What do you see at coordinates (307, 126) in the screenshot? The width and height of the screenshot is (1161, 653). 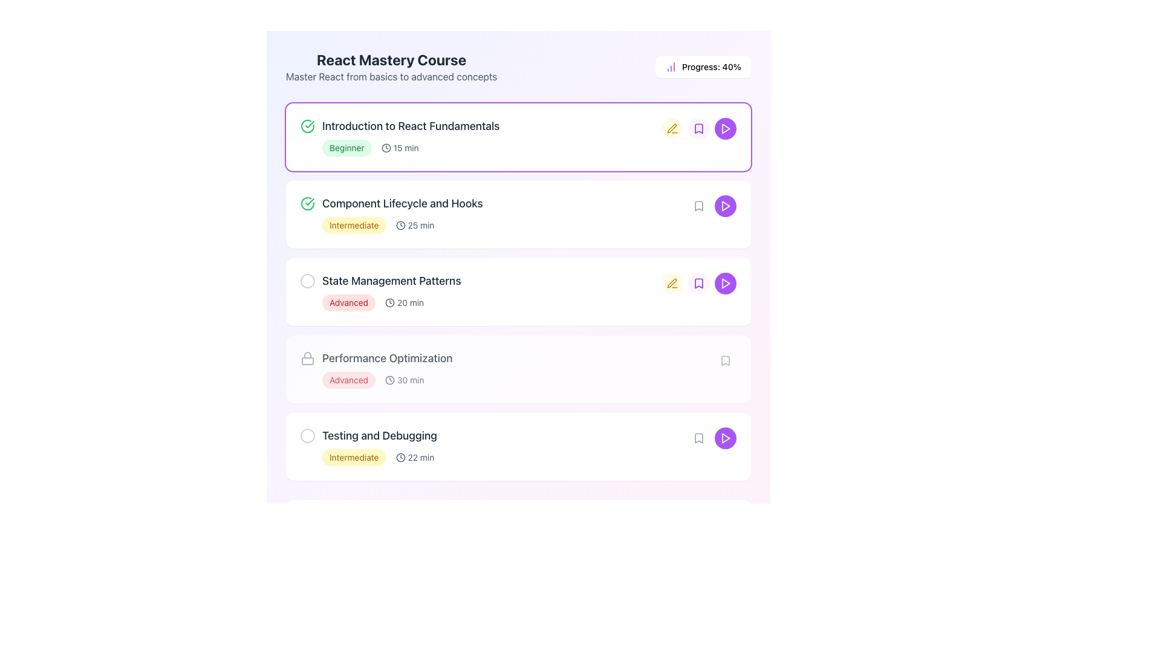 I see `the completion status icon located at the top-left corner of the 'Introduction to React Fundamentals' section, which indicates that the module has been completed by the user` at bounding box center [307, 126].